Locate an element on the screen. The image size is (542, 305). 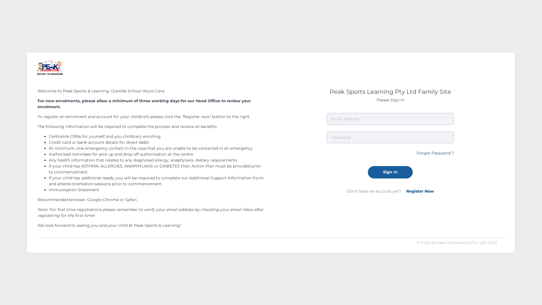
'Register Now' is located at coordinates (420, 191).